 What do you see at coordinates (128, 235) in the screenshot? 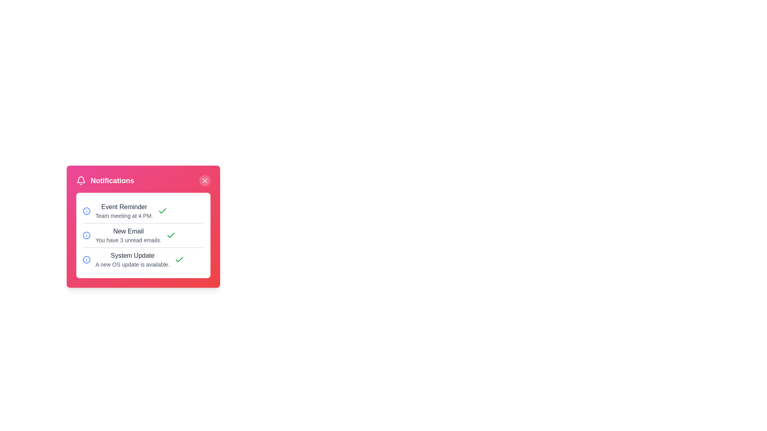
I see `the second notification text block in the notifications popover that informs the user about a new email and unread email counts` at bounding box center [128, 235].